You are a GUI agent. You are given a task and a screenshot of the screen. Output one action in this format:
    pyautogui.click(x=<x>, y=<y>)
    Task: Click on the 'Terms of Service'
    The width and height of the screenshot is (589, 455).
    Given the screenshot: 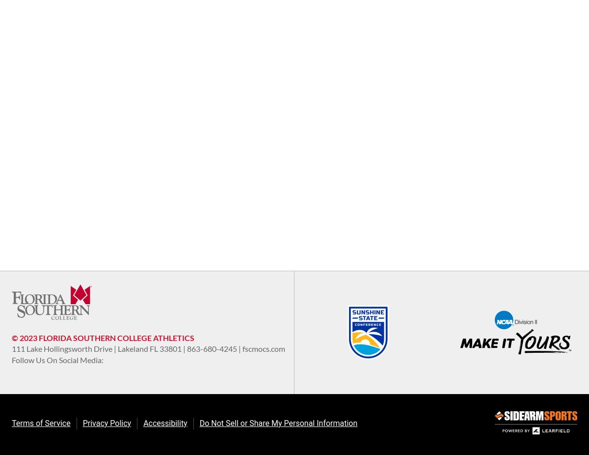 What is the action you would take?
    pyautogui.click(x=41, y=423)
    